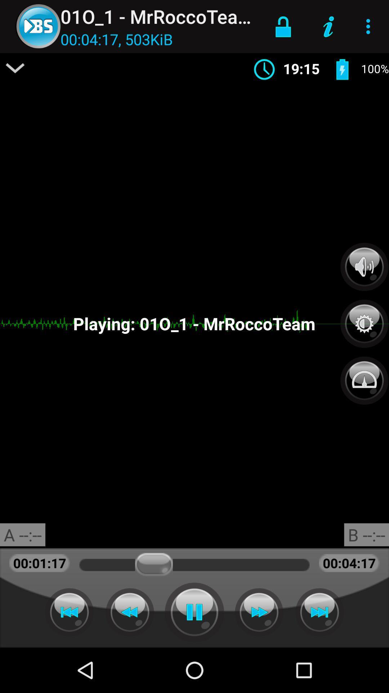 This screenshot has width=389, height=693. What do you see at coordinates (259, 612) in the screenshot?
I see `fast forward track` at bounding box center [259, 612].